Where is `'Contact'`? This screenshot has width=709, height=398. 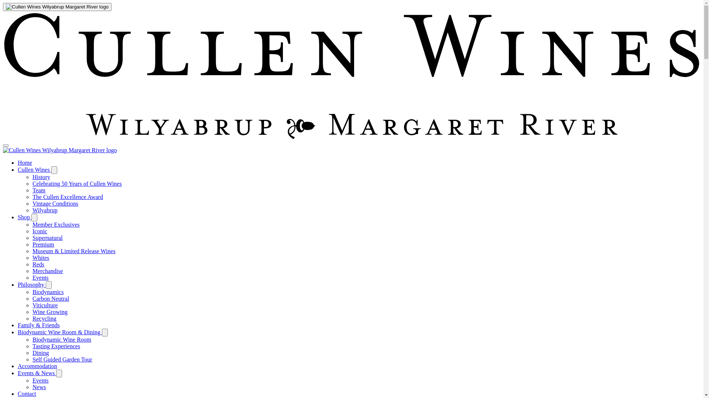
'Contact' is located at coordinates (27, 393).